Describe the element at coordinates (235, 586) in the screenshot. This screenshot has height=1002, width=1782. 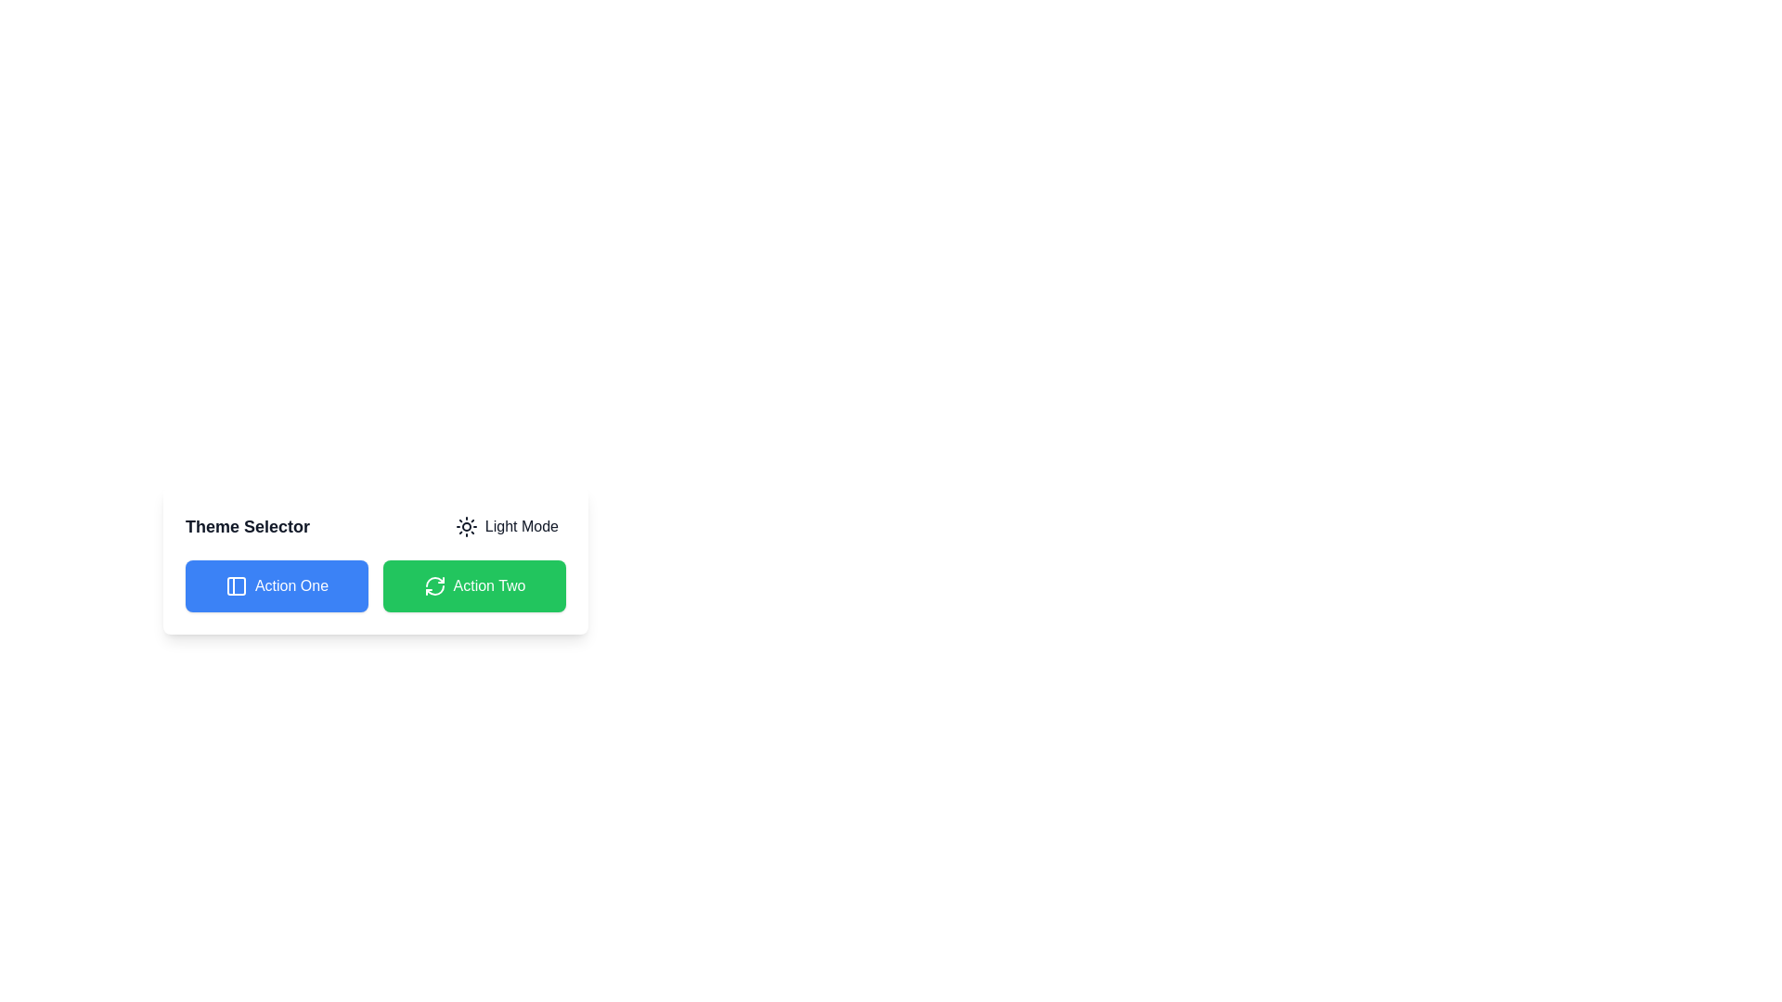
I see `the button labeled 'Action One' by clicking on the icon situated within it to trigger its associated action` at that location.